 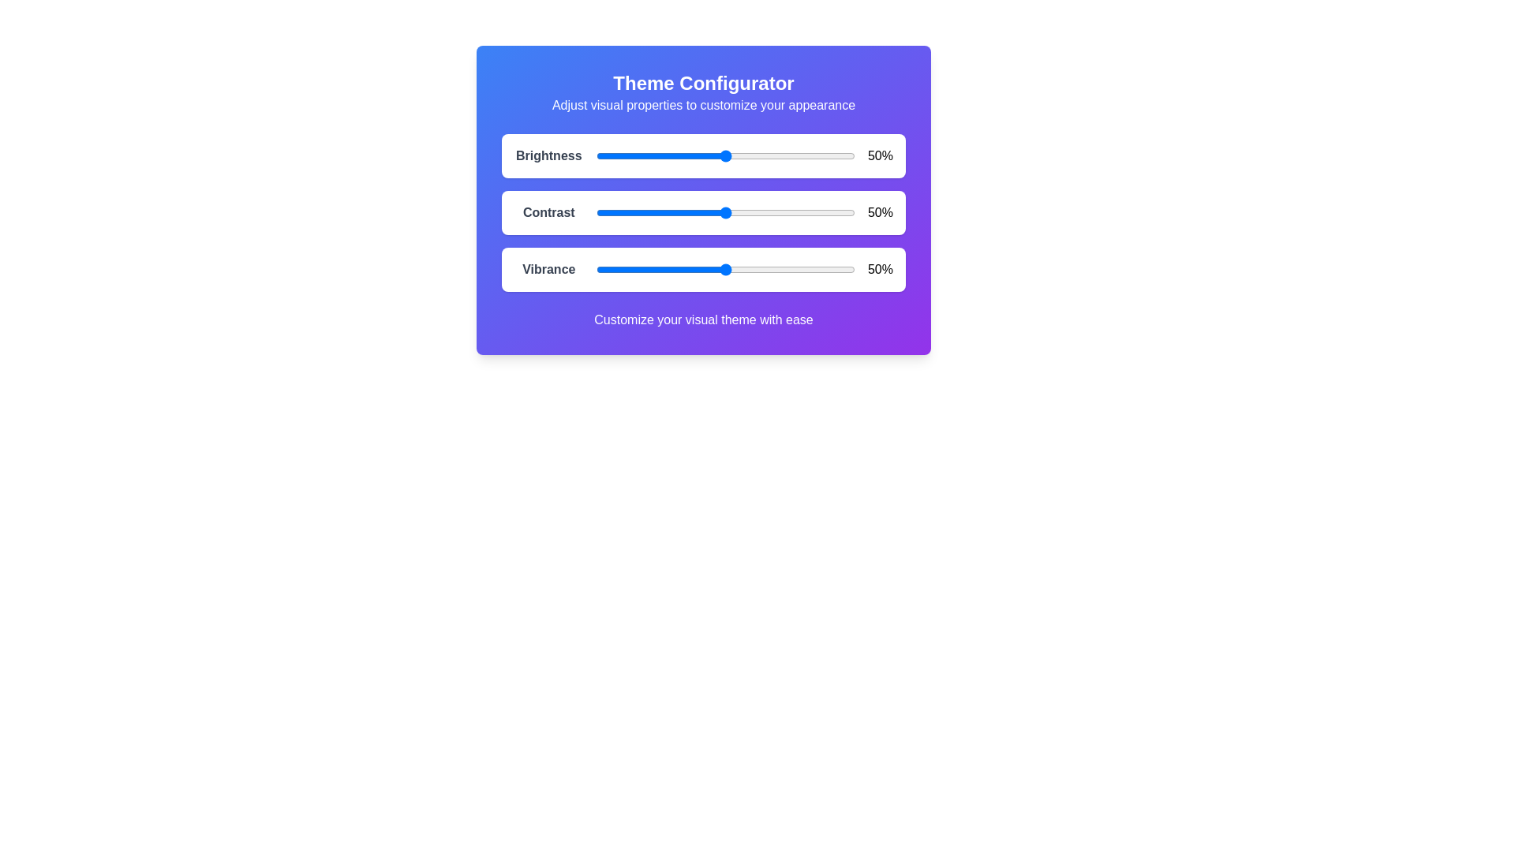 What do you see at coordinates (735, 213) in the screenshot?
I see `the contrast slider to 54%` at bounding box center [735, 213].